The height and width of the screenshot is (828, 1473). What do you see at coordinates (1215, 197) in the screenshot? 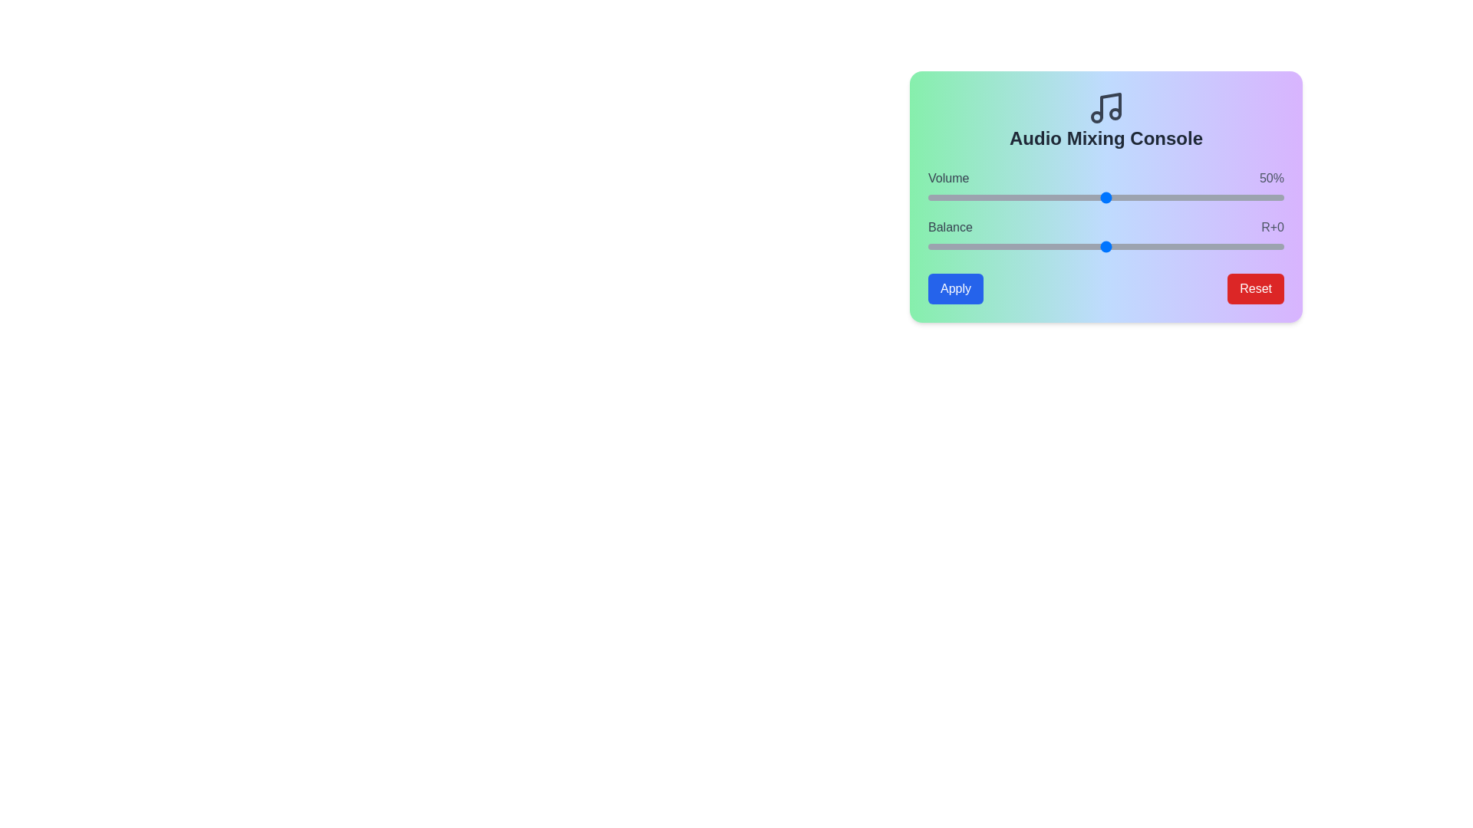
I see `the slider` at bounding box center [1215, 197].